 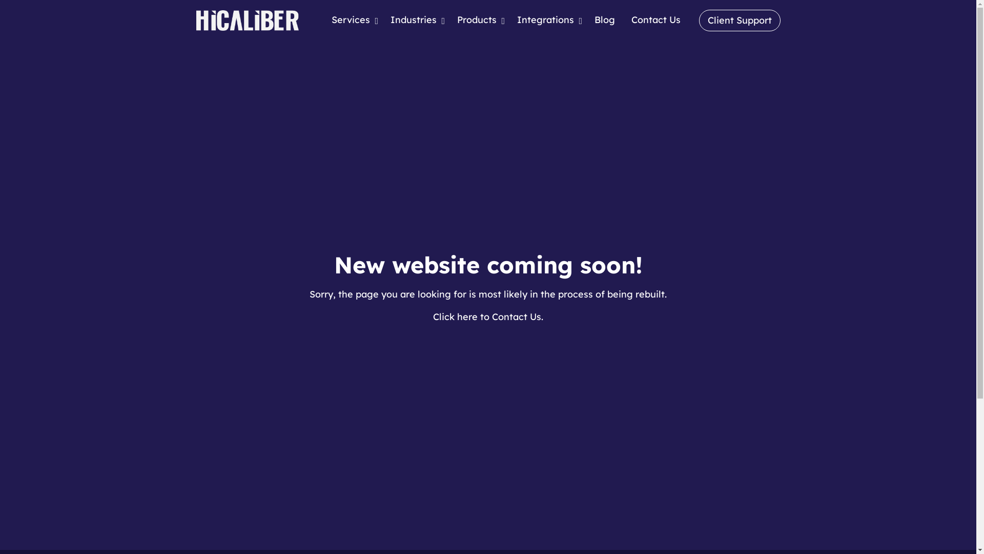 I want to click on 'Contact Us', so click(x=622, y=19).